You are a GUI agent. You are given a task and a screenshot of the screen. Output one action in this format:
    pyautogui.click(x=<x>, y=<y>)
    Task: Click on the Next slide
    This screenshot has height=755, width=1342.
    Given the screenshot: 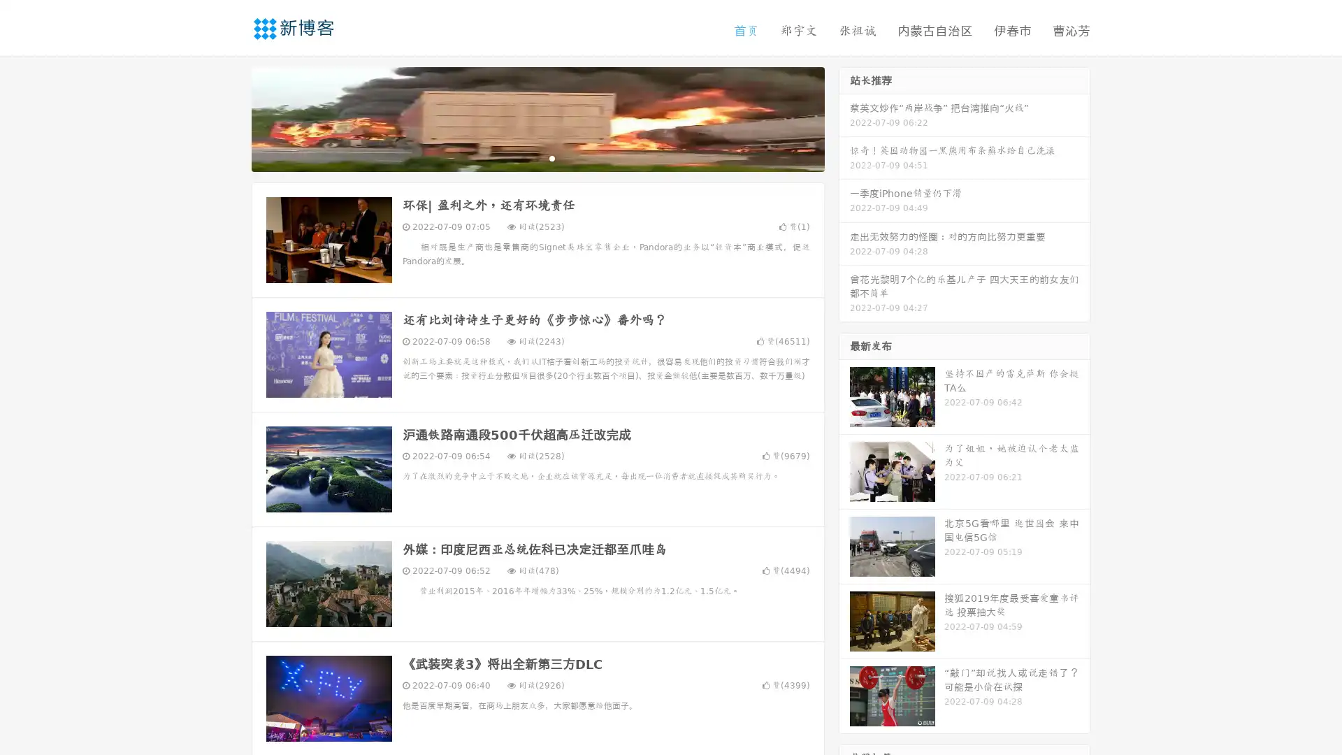 What is the action you would take?
    pyautogui.click(x=844, y=117)
    